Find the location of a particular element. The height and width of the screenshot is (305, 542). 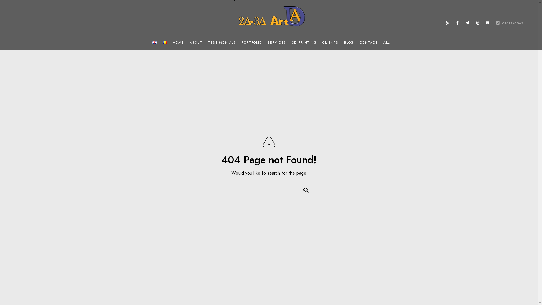

'CONTACT' is located at coordinates (369, 42).